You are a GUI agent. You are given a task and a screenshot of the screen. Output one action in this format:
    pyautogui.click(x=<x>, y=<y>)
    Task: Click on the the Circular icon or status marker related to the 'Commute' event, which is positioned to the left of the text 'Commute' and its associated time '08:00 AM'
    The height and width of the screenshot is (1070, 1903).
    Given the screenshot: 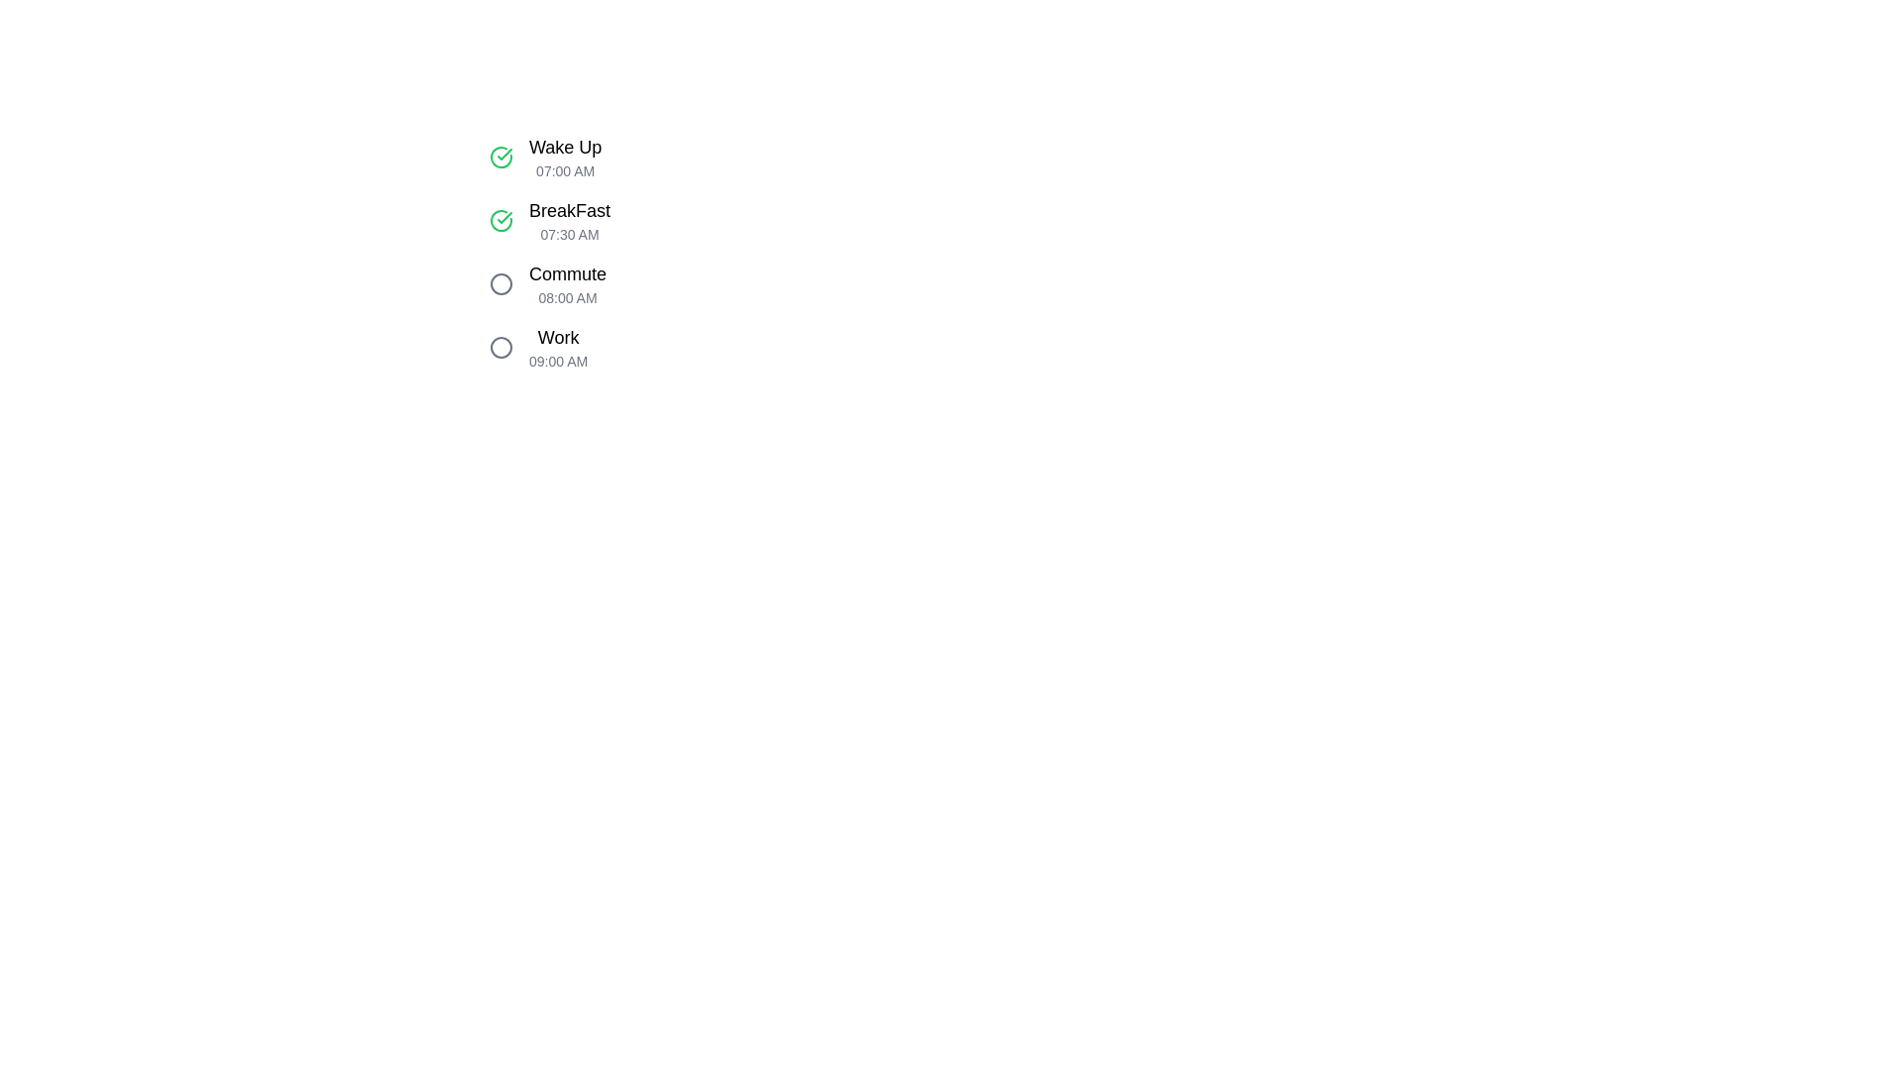 What is the action you would take?
    pyautogui.click(x=501, y=283)
    